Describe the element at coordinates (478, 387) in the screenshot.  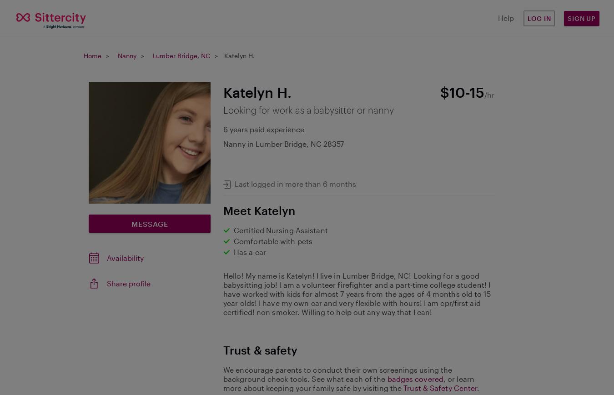
I see `'.'` at that location.